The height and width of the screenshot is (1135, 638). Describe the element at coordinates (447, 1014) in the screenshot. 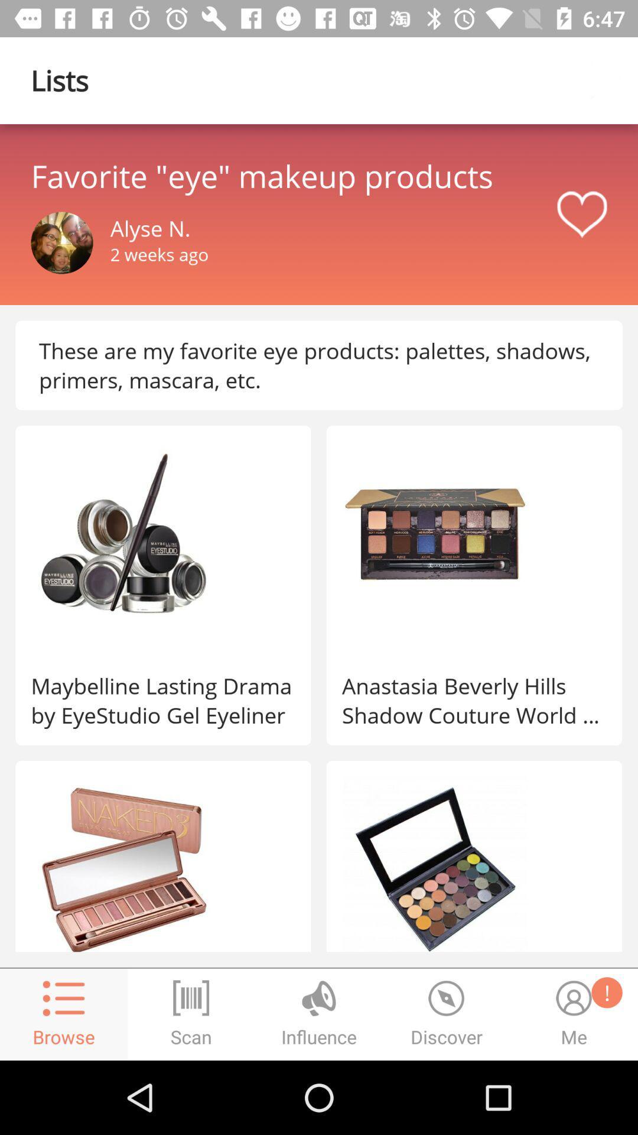

I see `the time icon` at that location.